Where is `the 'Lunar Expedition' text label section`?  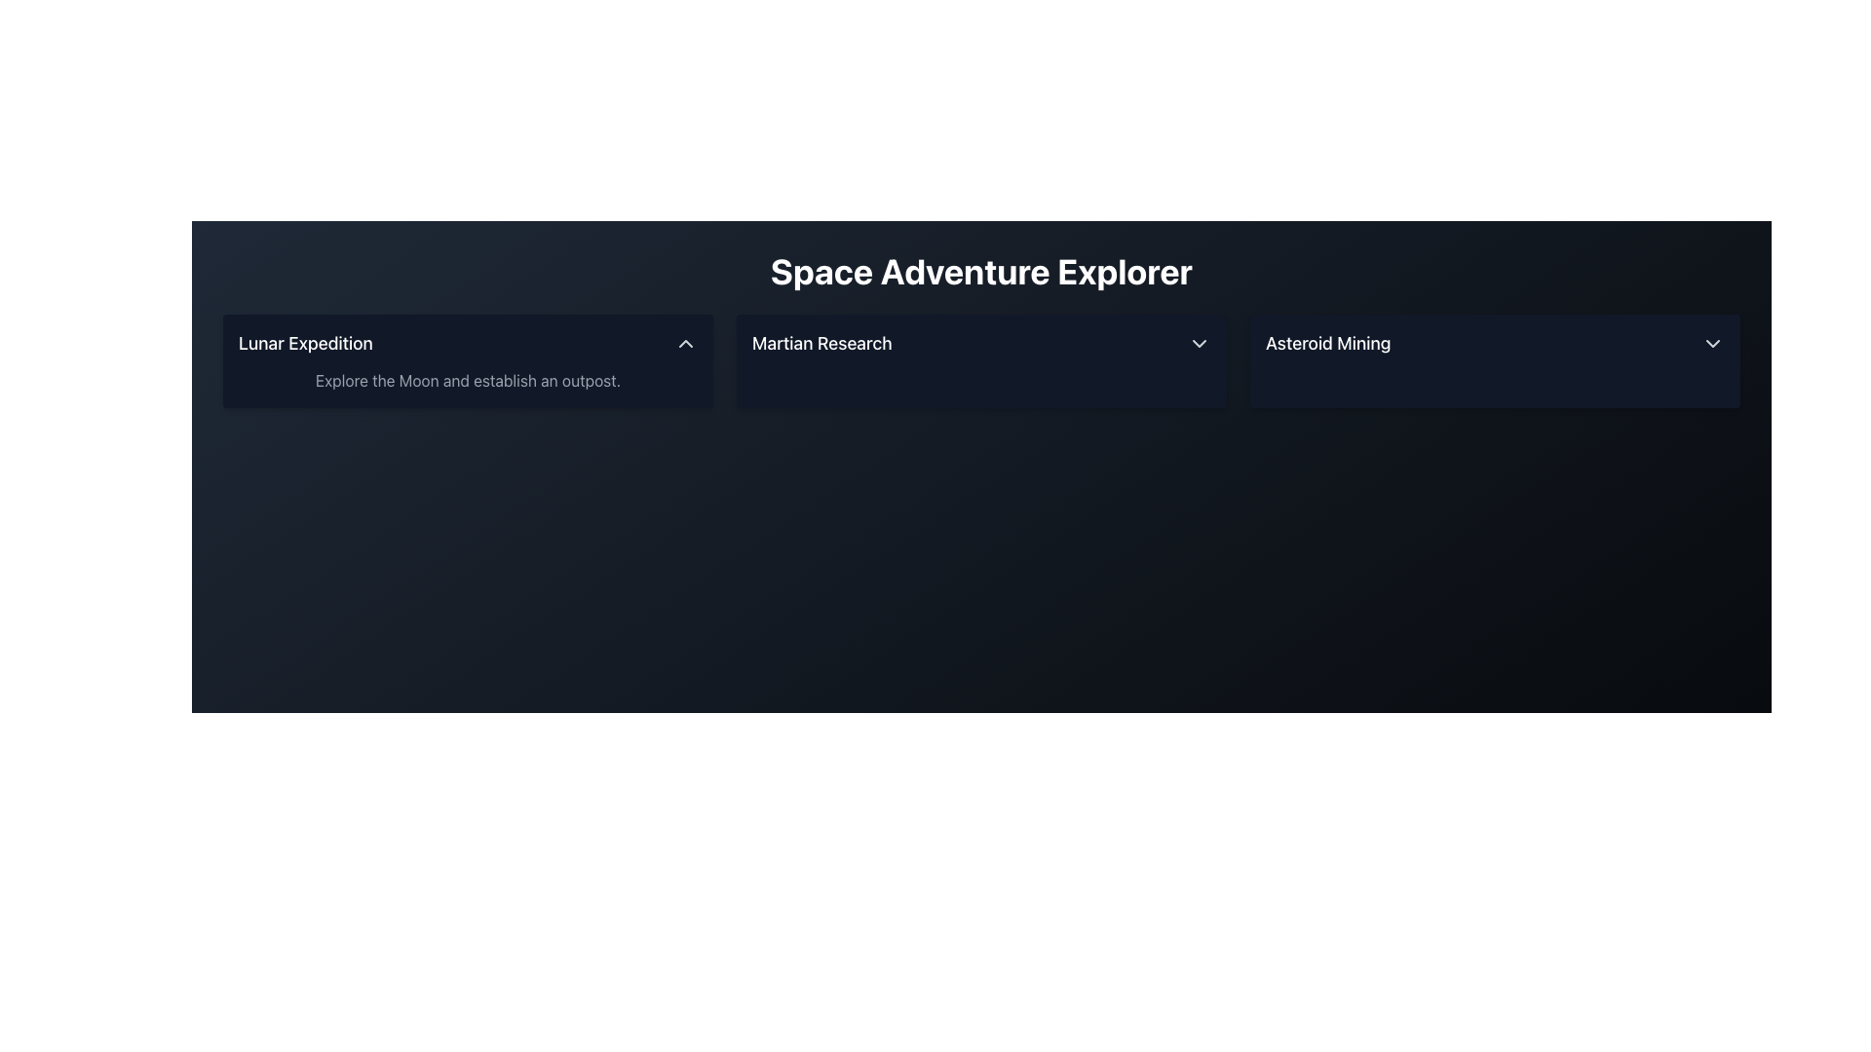
the 'Lunar Expedition' text label section is located at coordinates (304, 343).